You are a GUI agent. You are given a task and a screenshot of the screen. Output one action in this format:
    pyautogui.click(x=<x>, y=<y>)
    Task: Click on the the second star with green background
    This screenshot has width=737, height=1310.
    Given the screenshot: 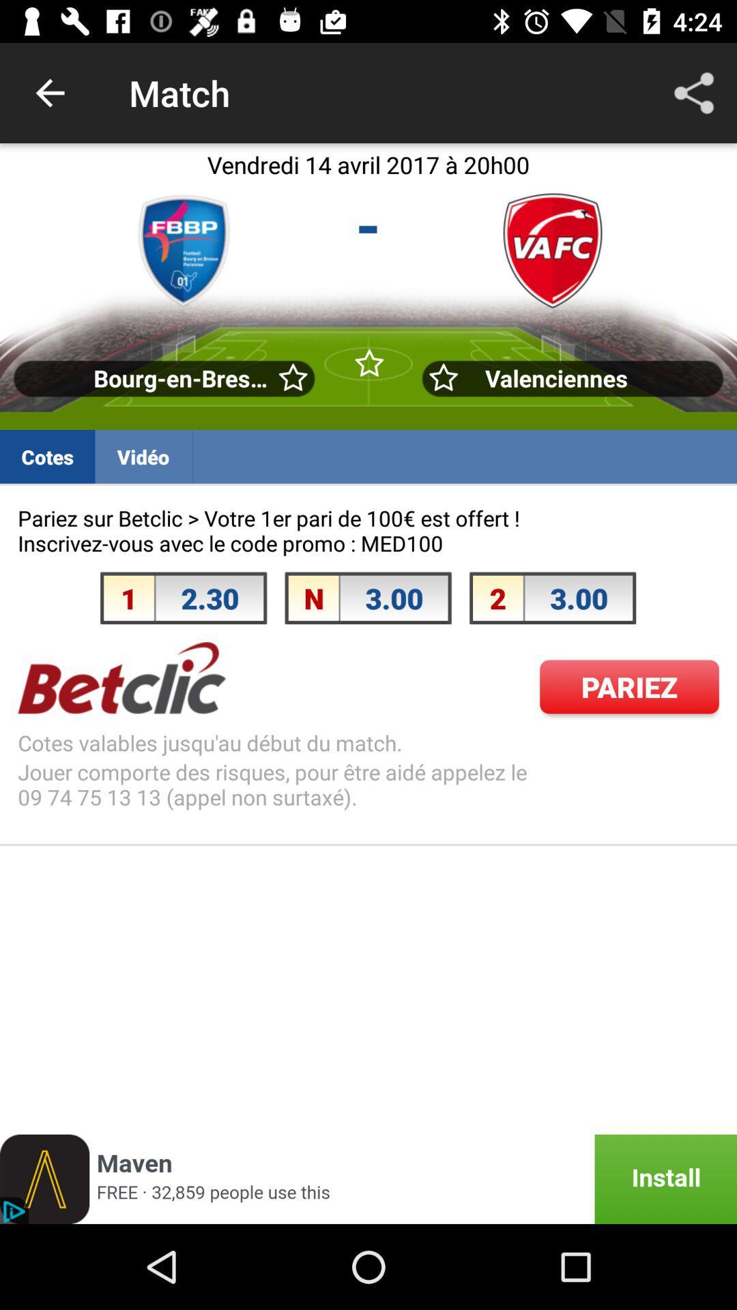 What is the action you would take?
    pyautogui.click(x=369, y=364)
    